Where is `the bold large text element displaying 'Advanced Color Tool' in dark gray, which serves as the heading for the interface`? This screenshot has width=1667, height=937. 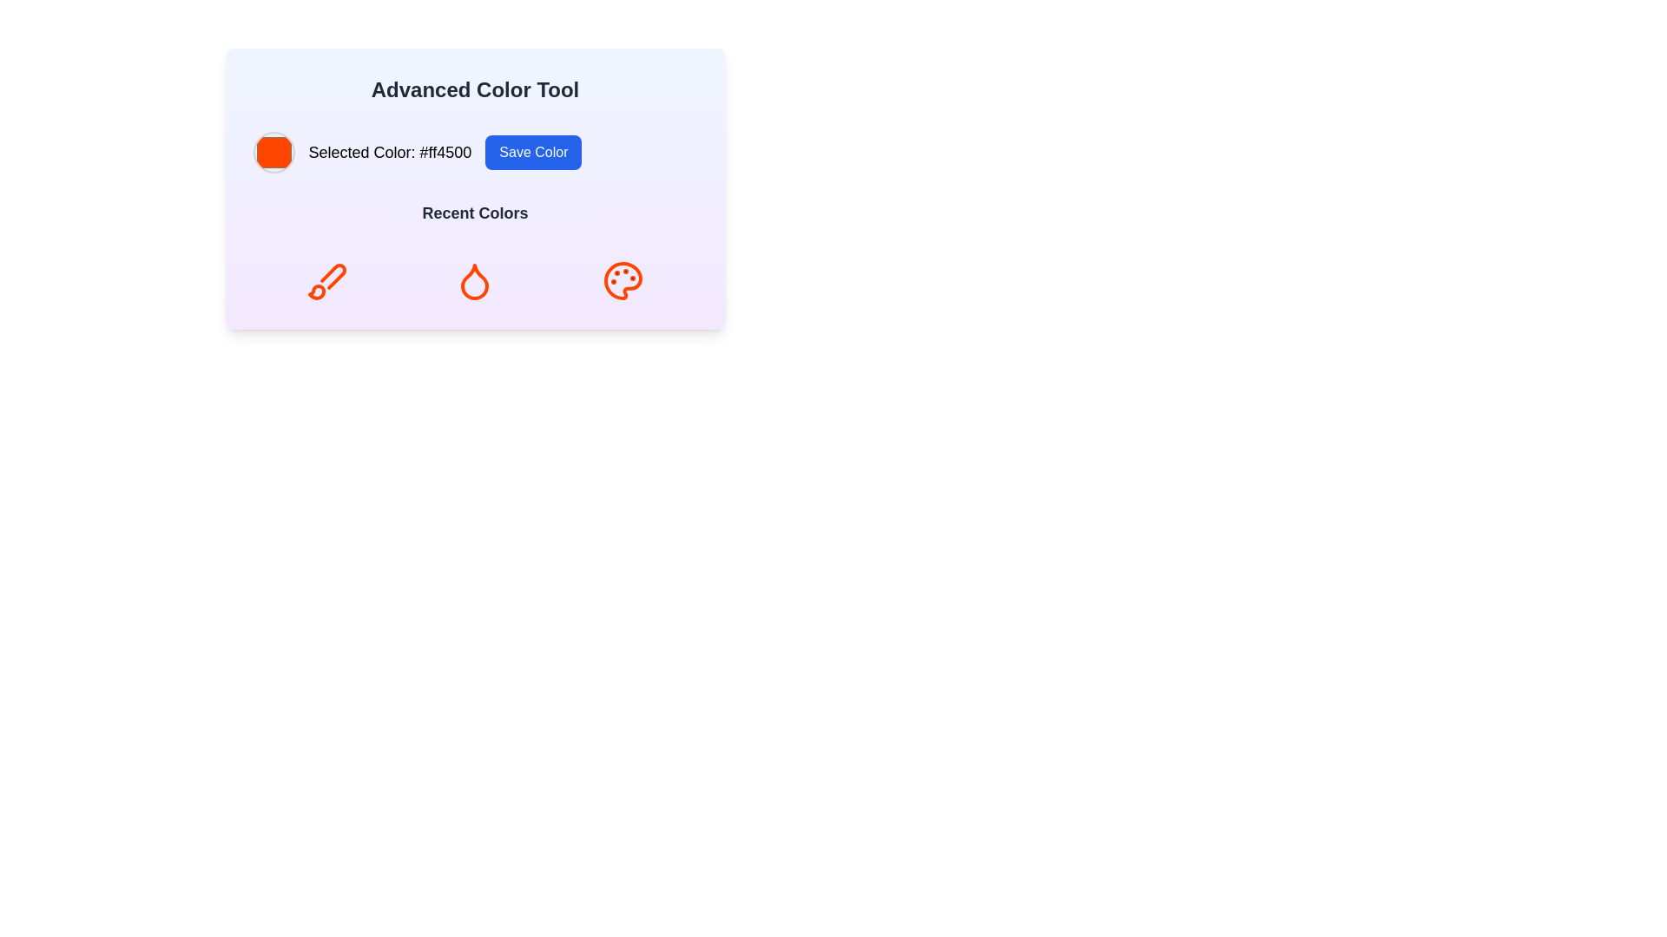 the bold large text element displaying 'Advanced Color Tool' in dark gray, which serves as the heading for the interface is located at coordinates (475, 90).